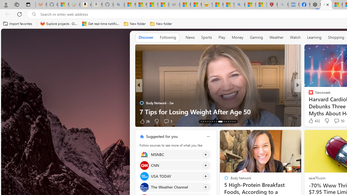 Image resolution: width=347 pixels, height=195 pixels. What do you see at coordinates (237, 37) in the screenshot?
I see `'Money'` at bounding box center [237, 37].